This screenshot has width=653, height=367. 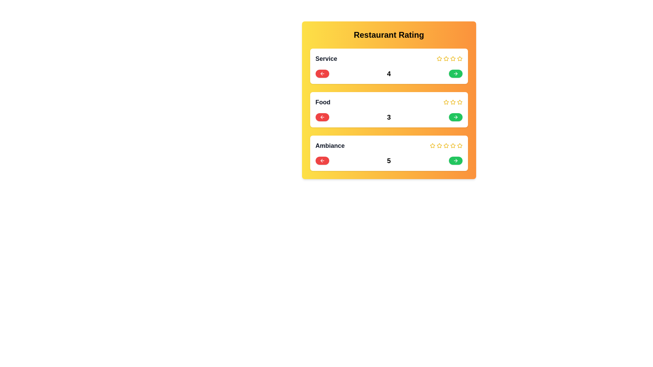 What do you see at coordinates (459, 145) in the screenshot?
I see `on the fifth star in the rating system within the 'Ambiance' section` at bounding box center [459, 145].